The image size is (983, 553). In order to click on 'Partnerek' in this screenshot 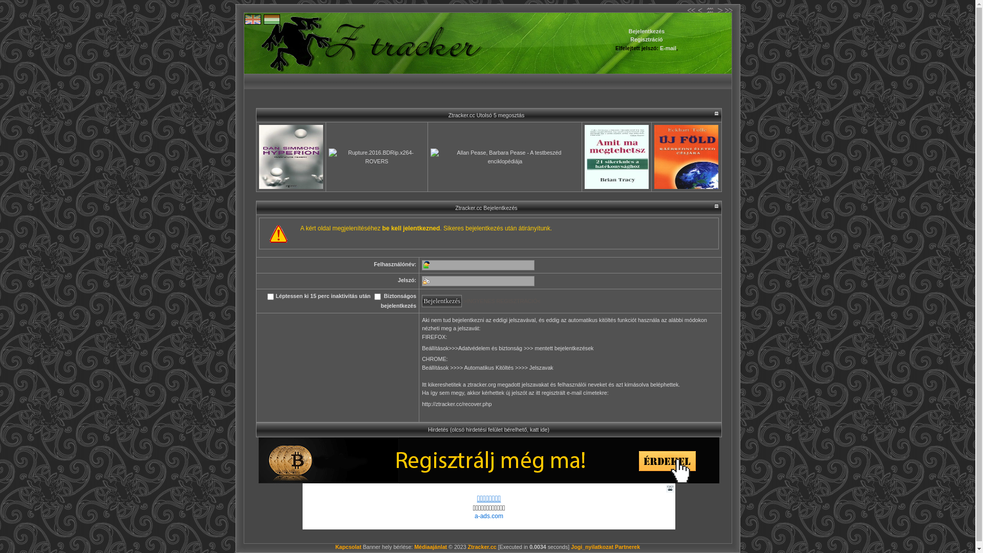, I will do `click(627, 546)`.